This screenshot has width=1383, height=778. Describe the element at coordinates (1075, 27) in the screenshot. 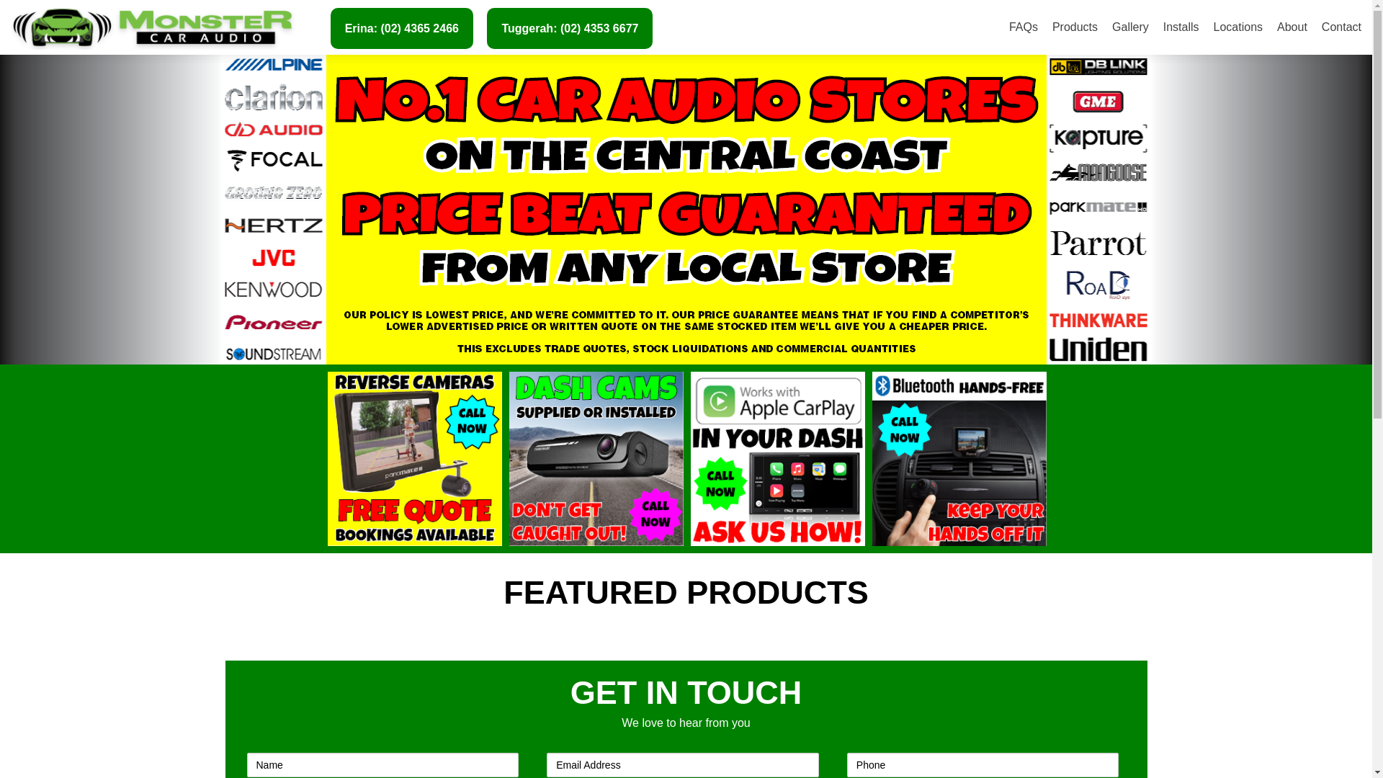

I see `'Products'` at that location.